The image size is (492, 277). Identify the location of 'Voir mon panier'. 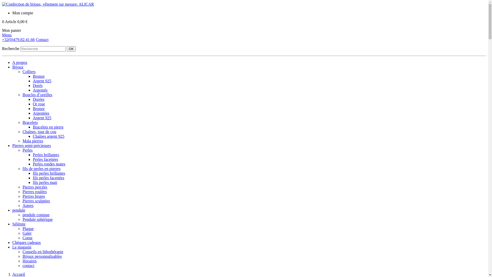
(27, 23).